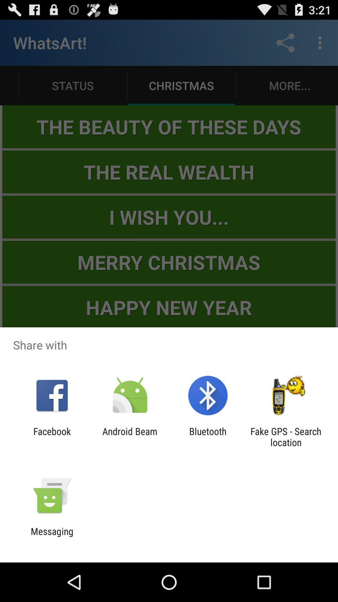  I want to click on item next to the fake gps search app, so click(208, 436).